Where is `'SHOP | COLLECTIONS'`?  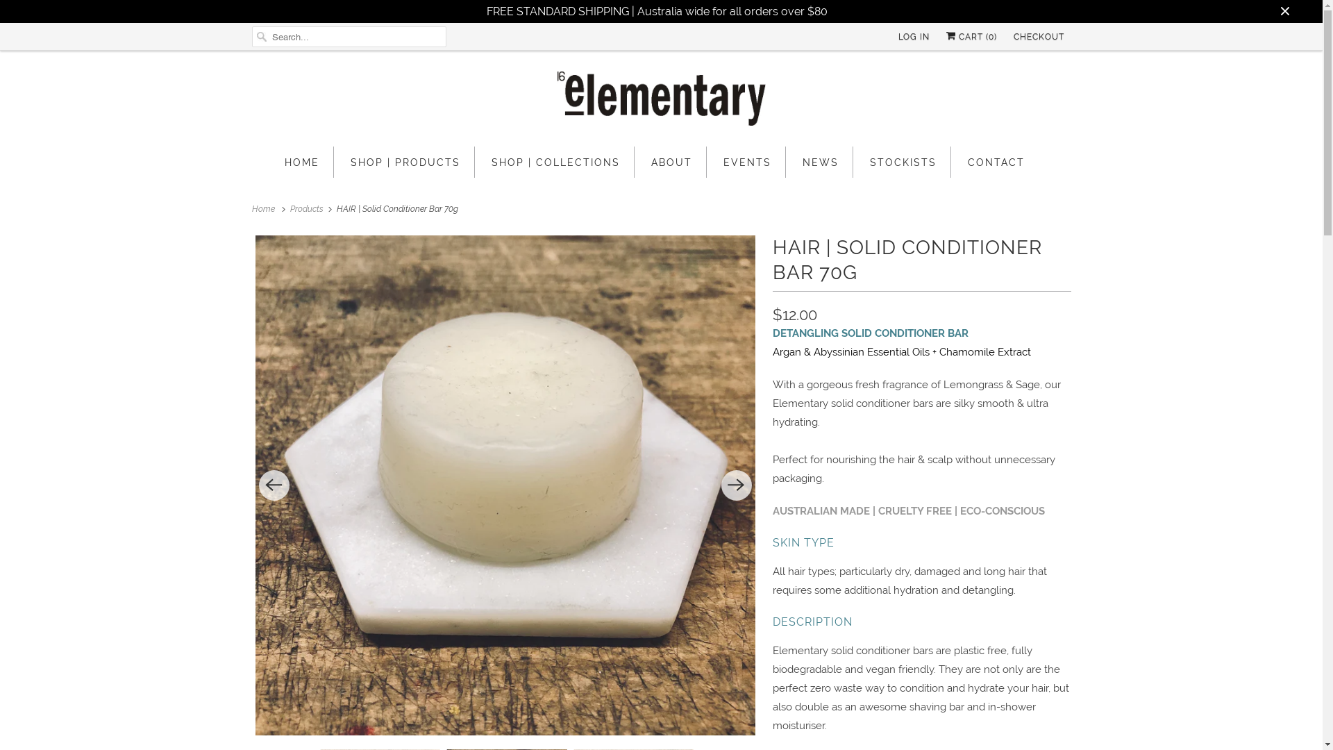
'SHOP | COLLECTIONS' is located at coordinates (555, 161).